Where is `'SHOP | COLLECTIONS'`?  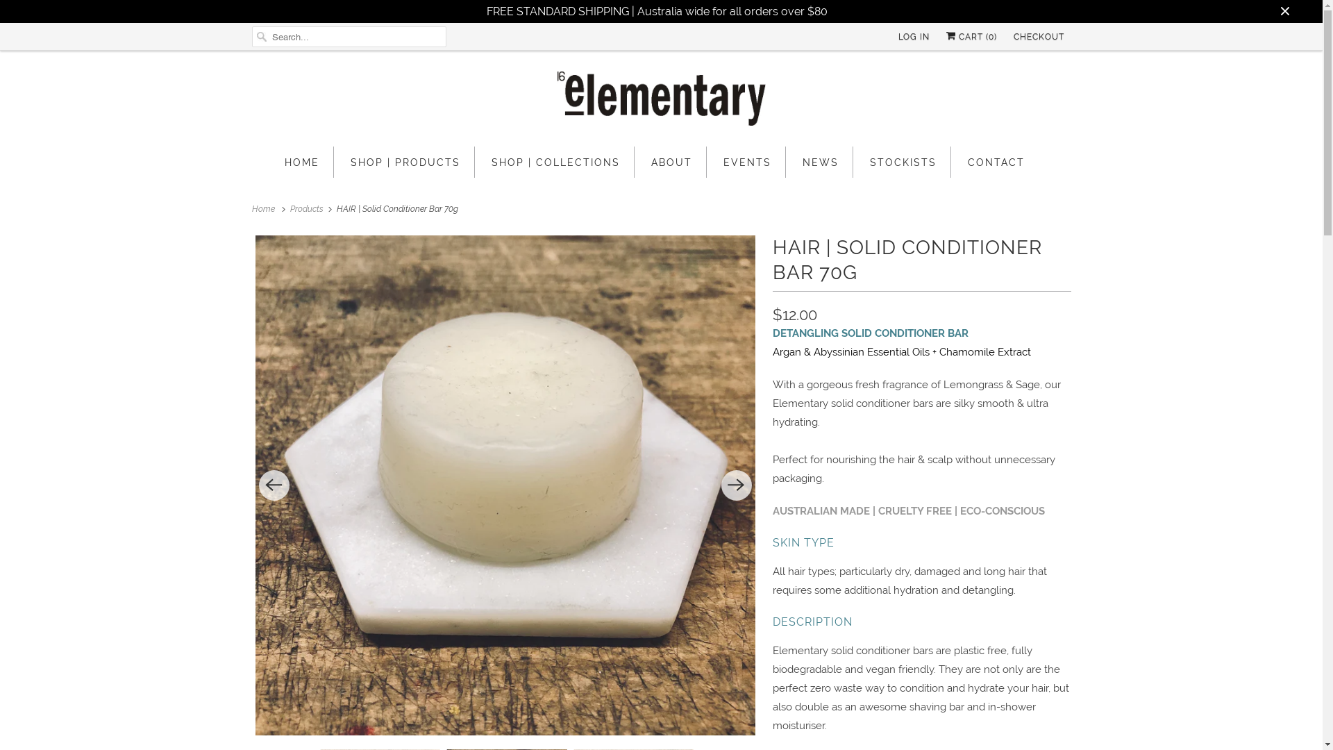
'SHOP | COLLECTIONS' is located at coordinates (555, 161).